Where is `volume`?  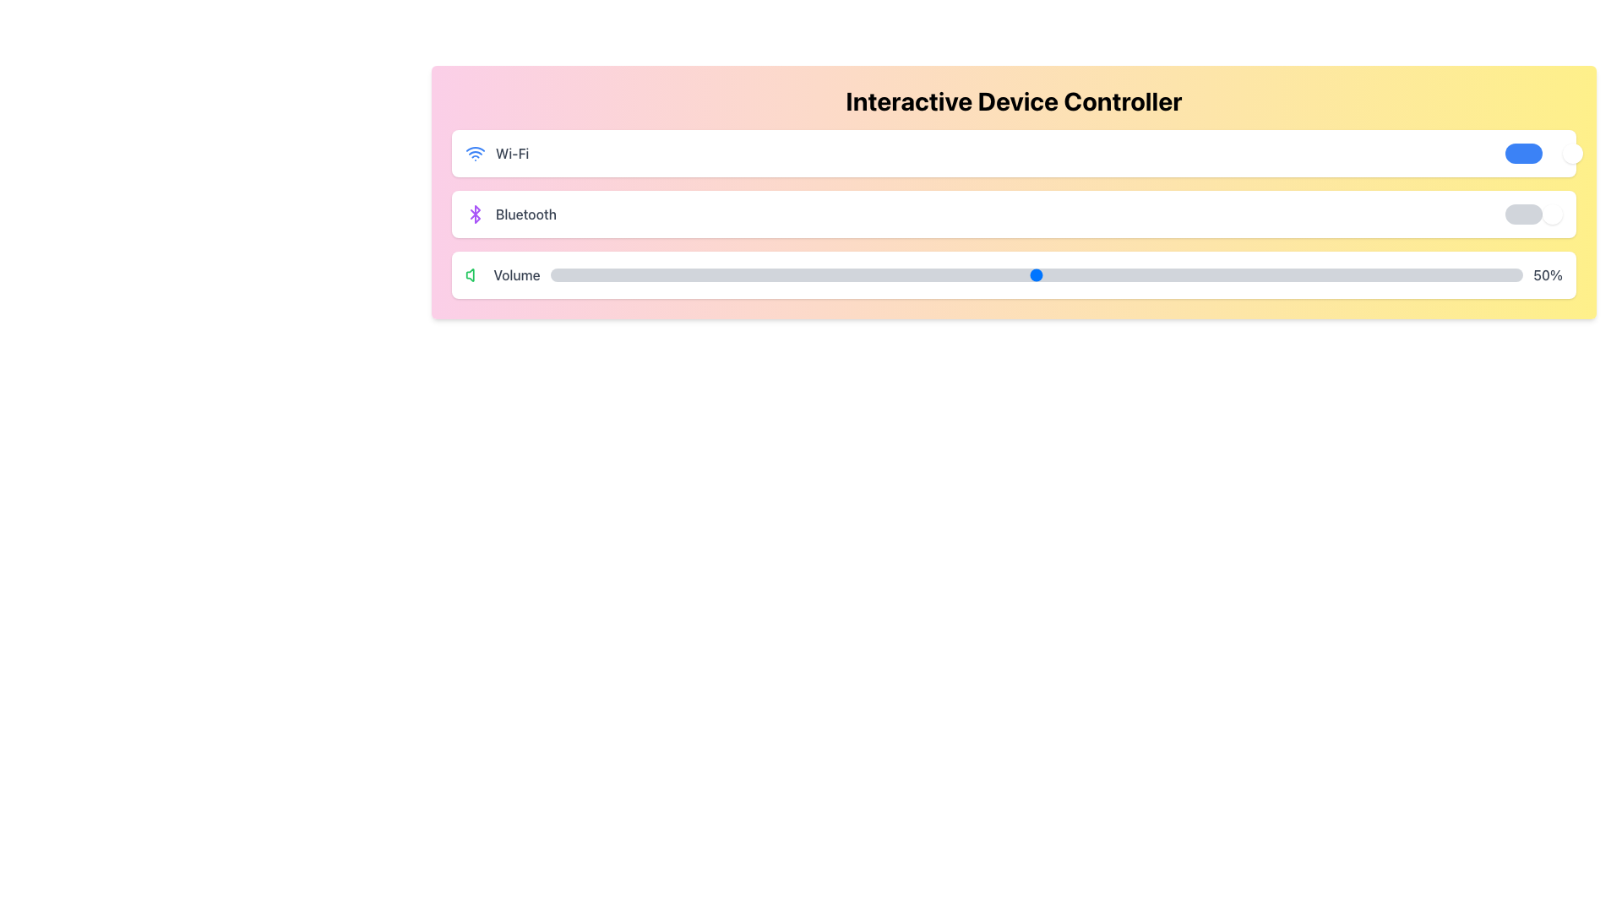 volume is located at coordinates (823, 274).